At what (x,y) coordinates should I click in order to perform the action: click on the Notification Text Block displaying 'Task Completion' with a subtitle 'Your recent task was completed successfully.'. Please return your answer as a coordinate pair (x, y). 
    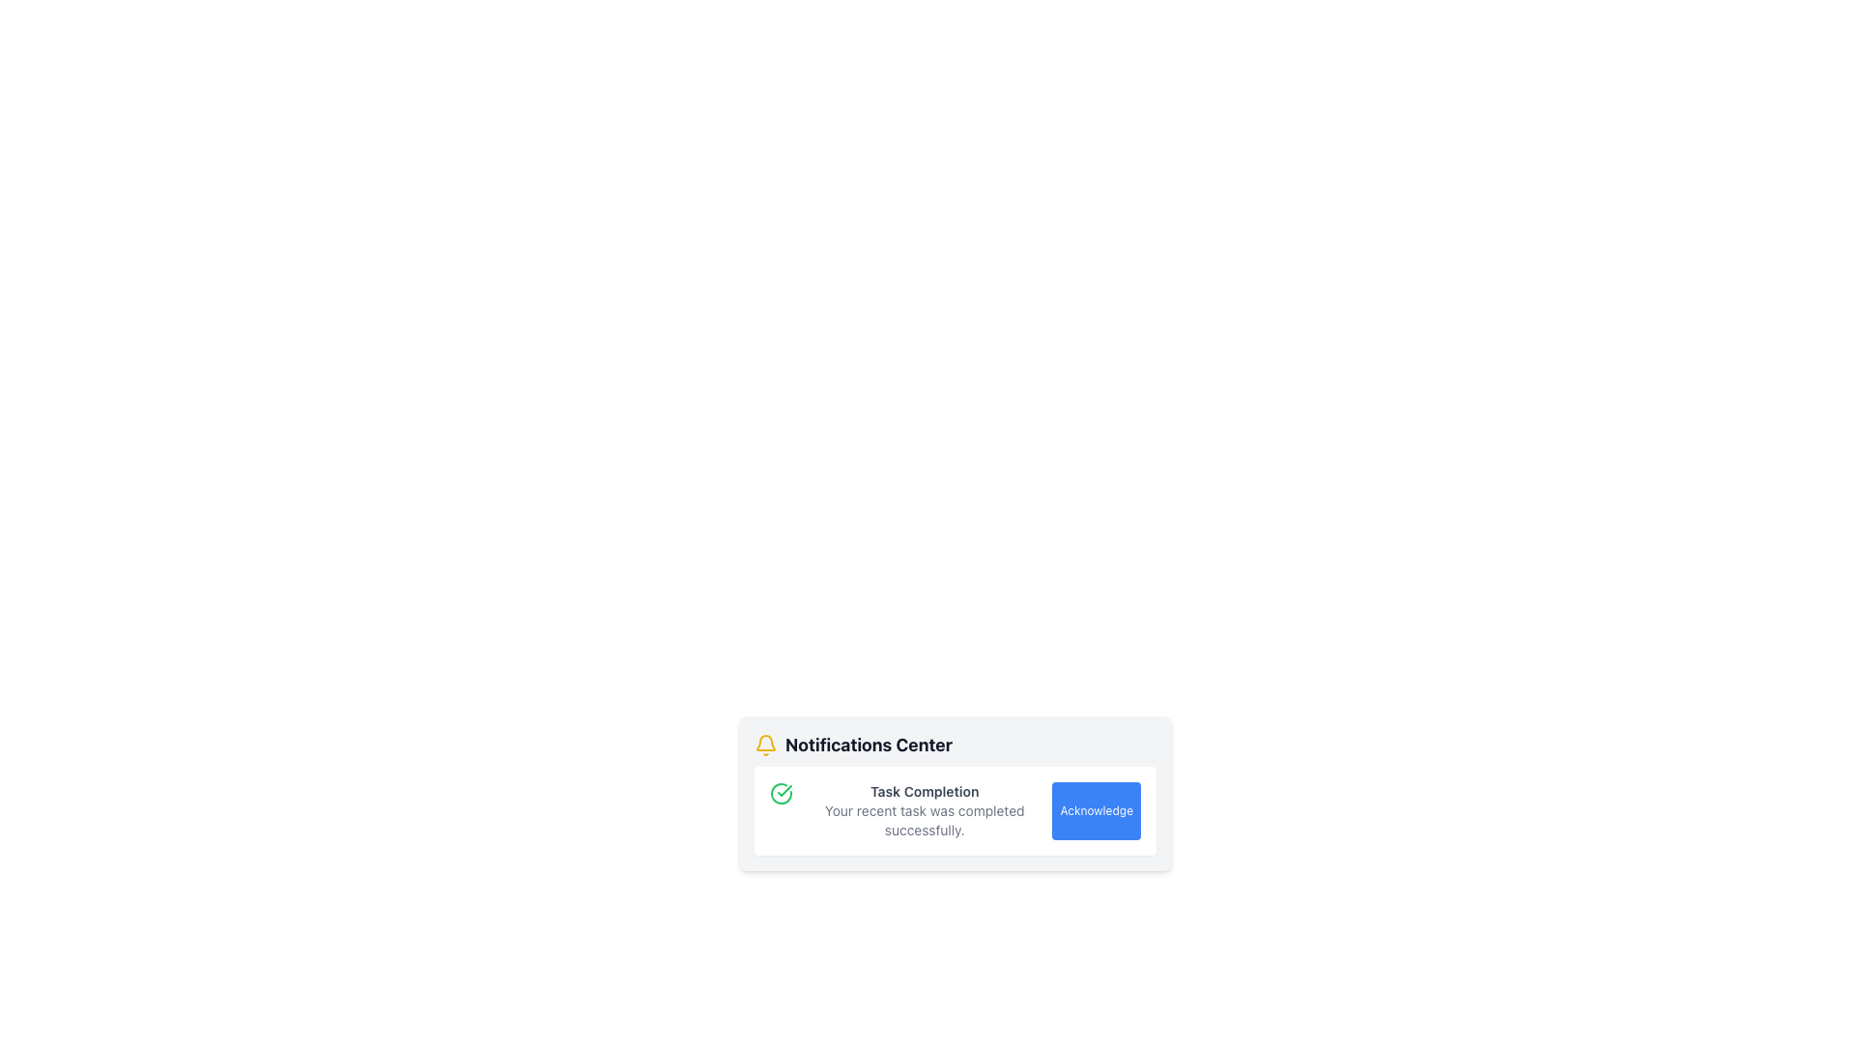
    Looking at the image, I should click on (924, 811).